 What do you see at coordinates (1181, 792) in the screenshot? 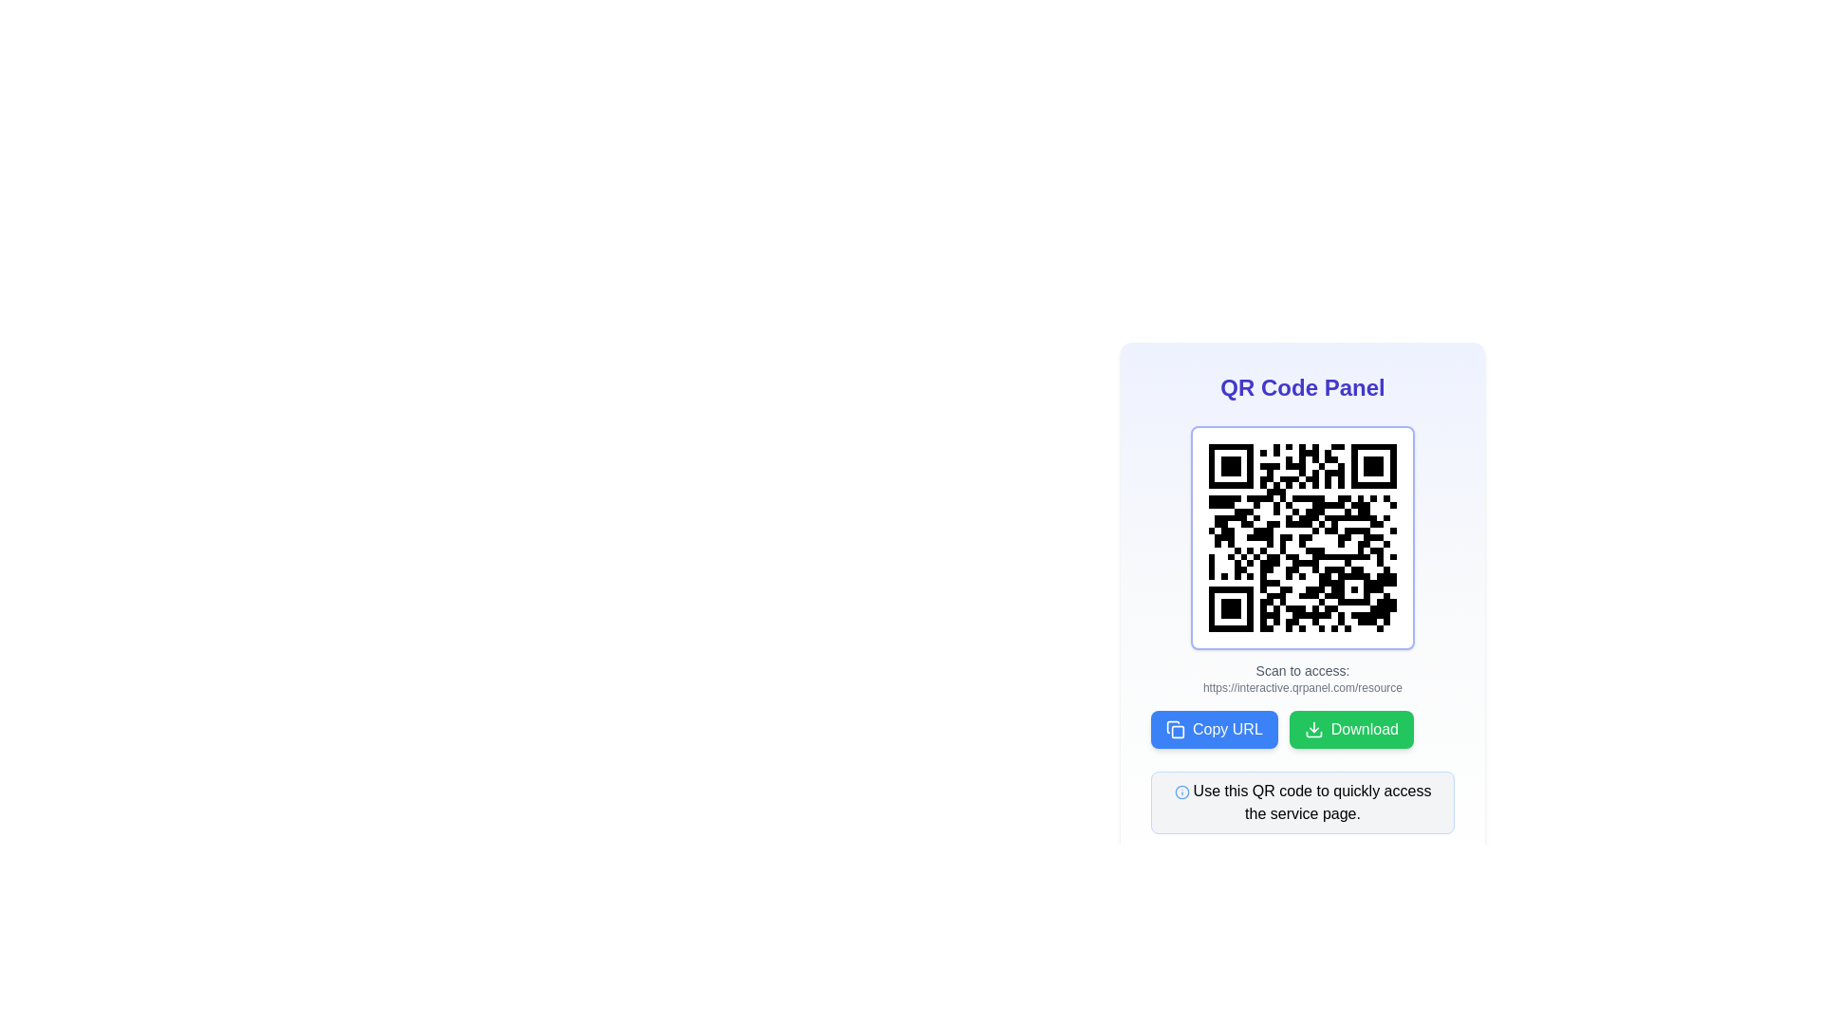
I see `the blue-stroke circular icon within the QR code panel to identify related information` at bounding box center [1181, 792].